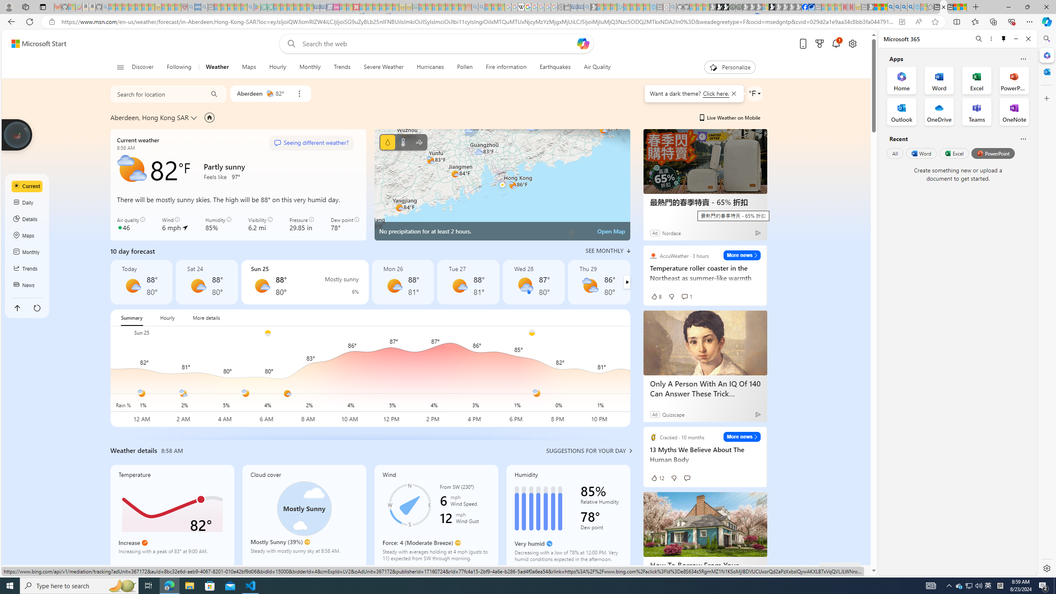  I want to click on 'Hurricanes', so click(430, 67).